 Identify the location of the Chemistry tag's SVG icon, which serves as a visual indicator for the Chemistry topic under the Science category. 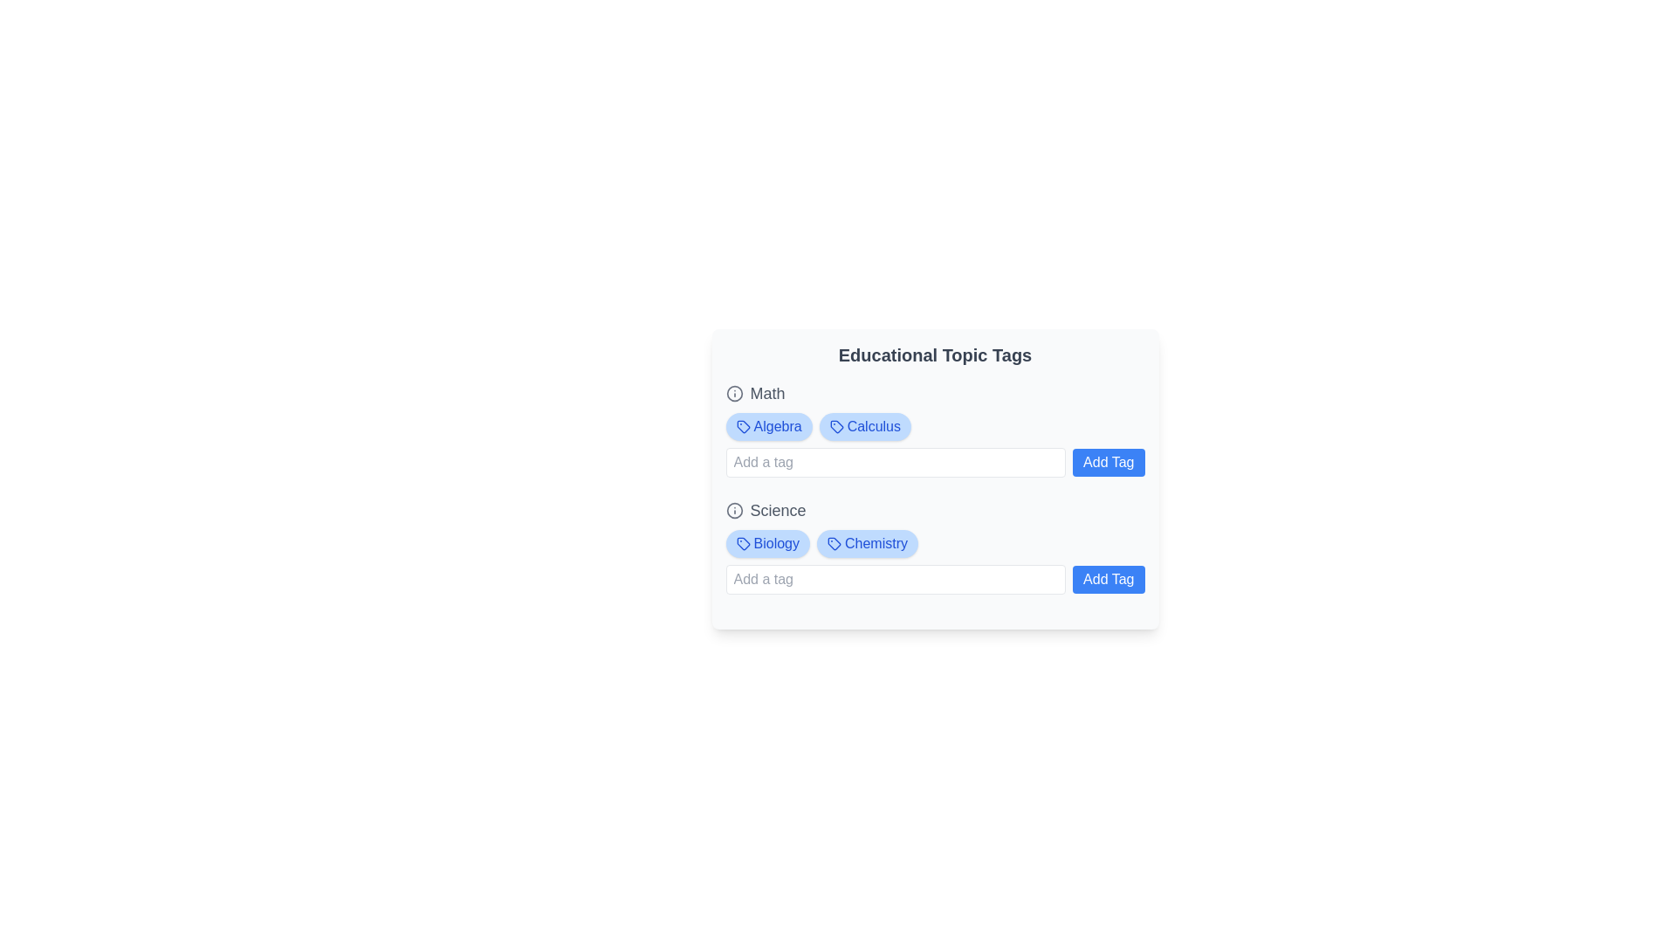
(833, 543).